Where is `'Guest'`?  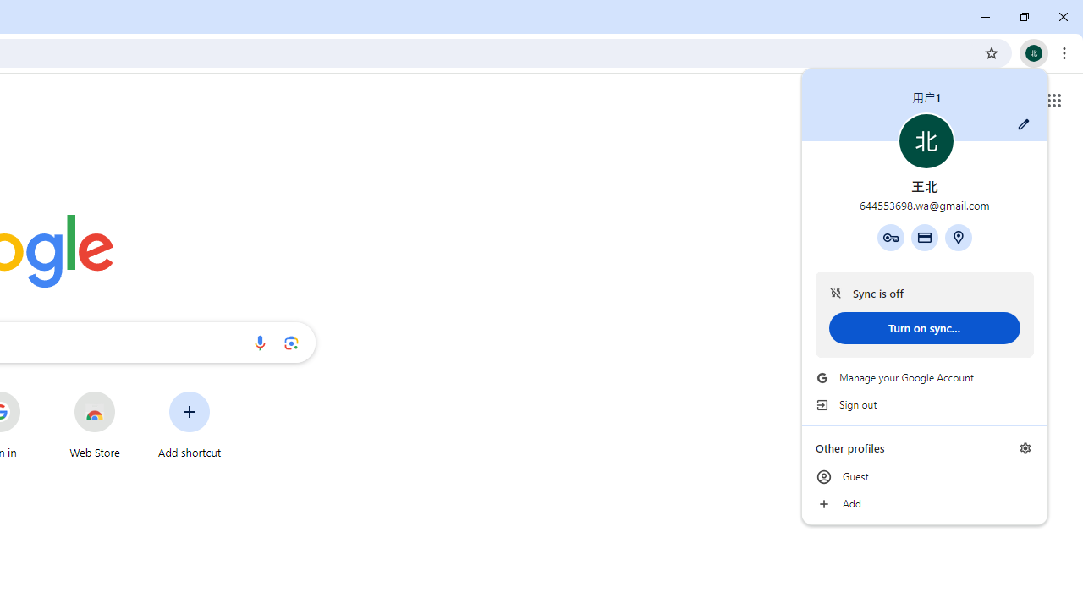 'Guest' is located at coordinates (924, 477).